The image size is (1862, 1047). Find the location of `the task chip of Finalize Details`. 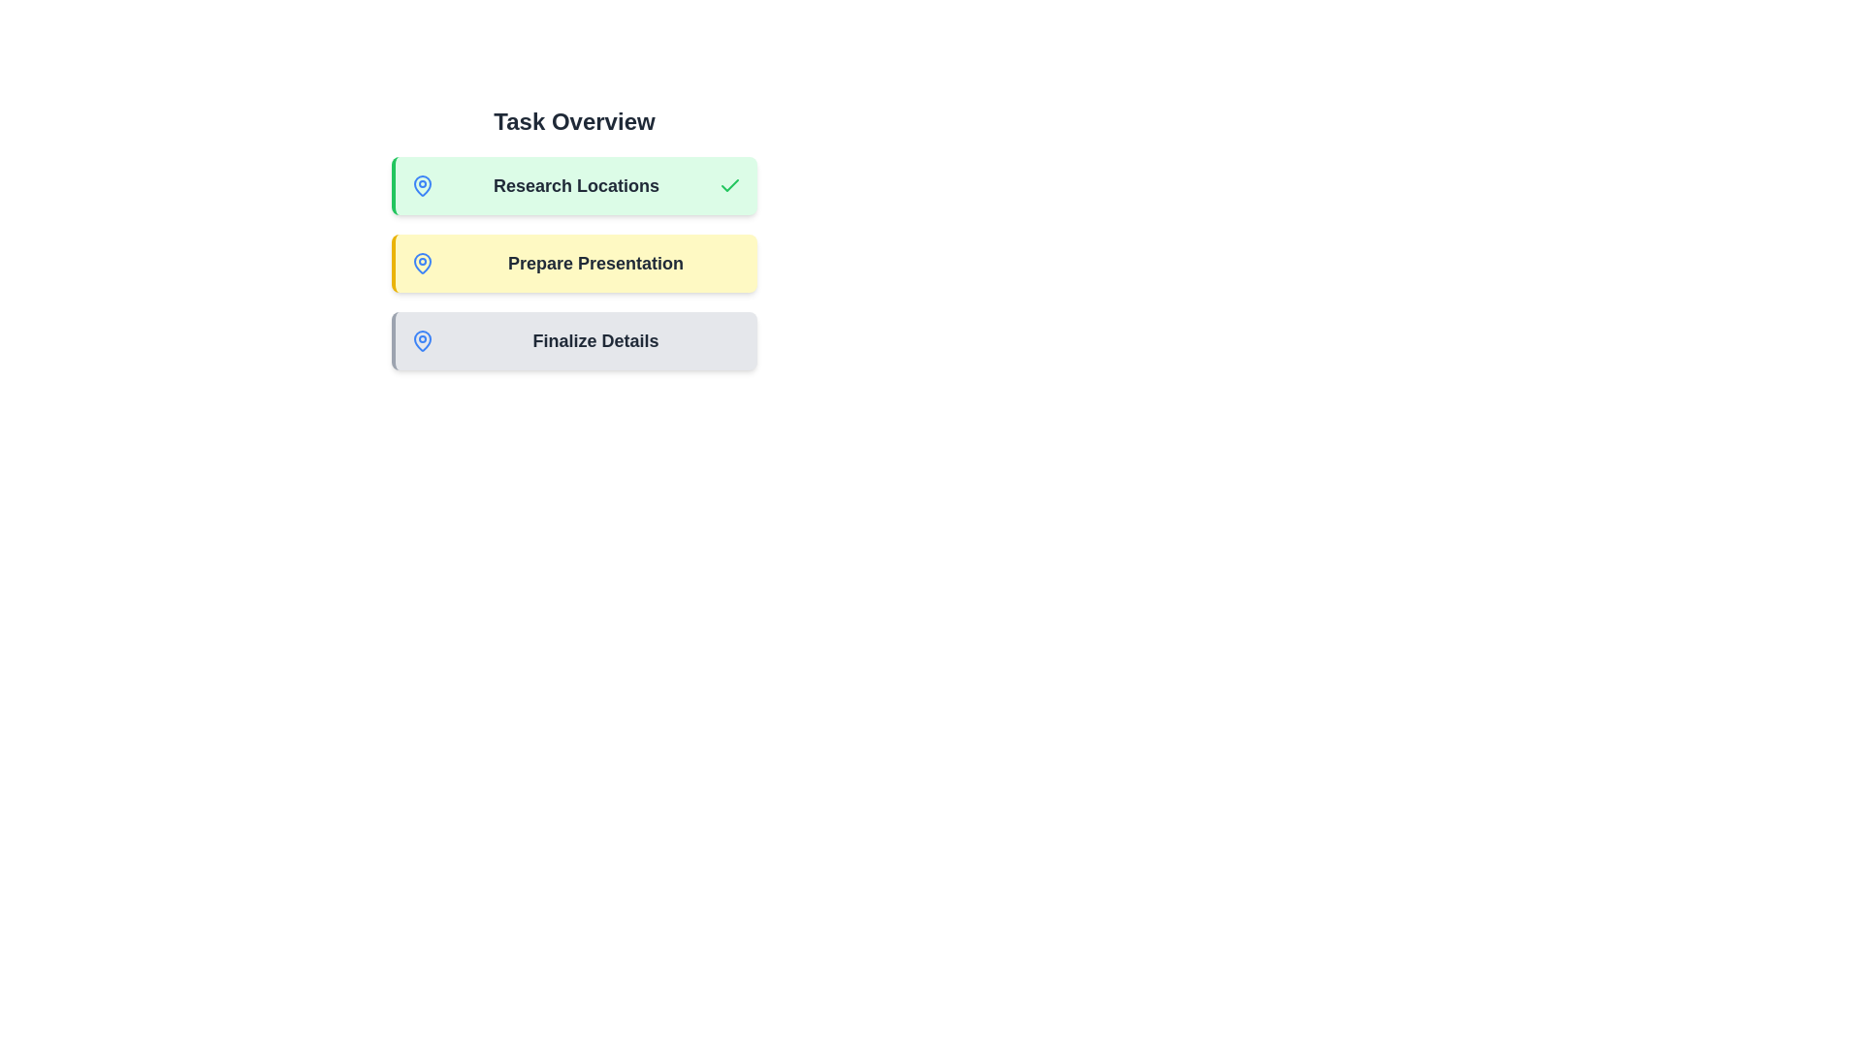

the task chip of Finalize Details is located at coordinates (573, 339).